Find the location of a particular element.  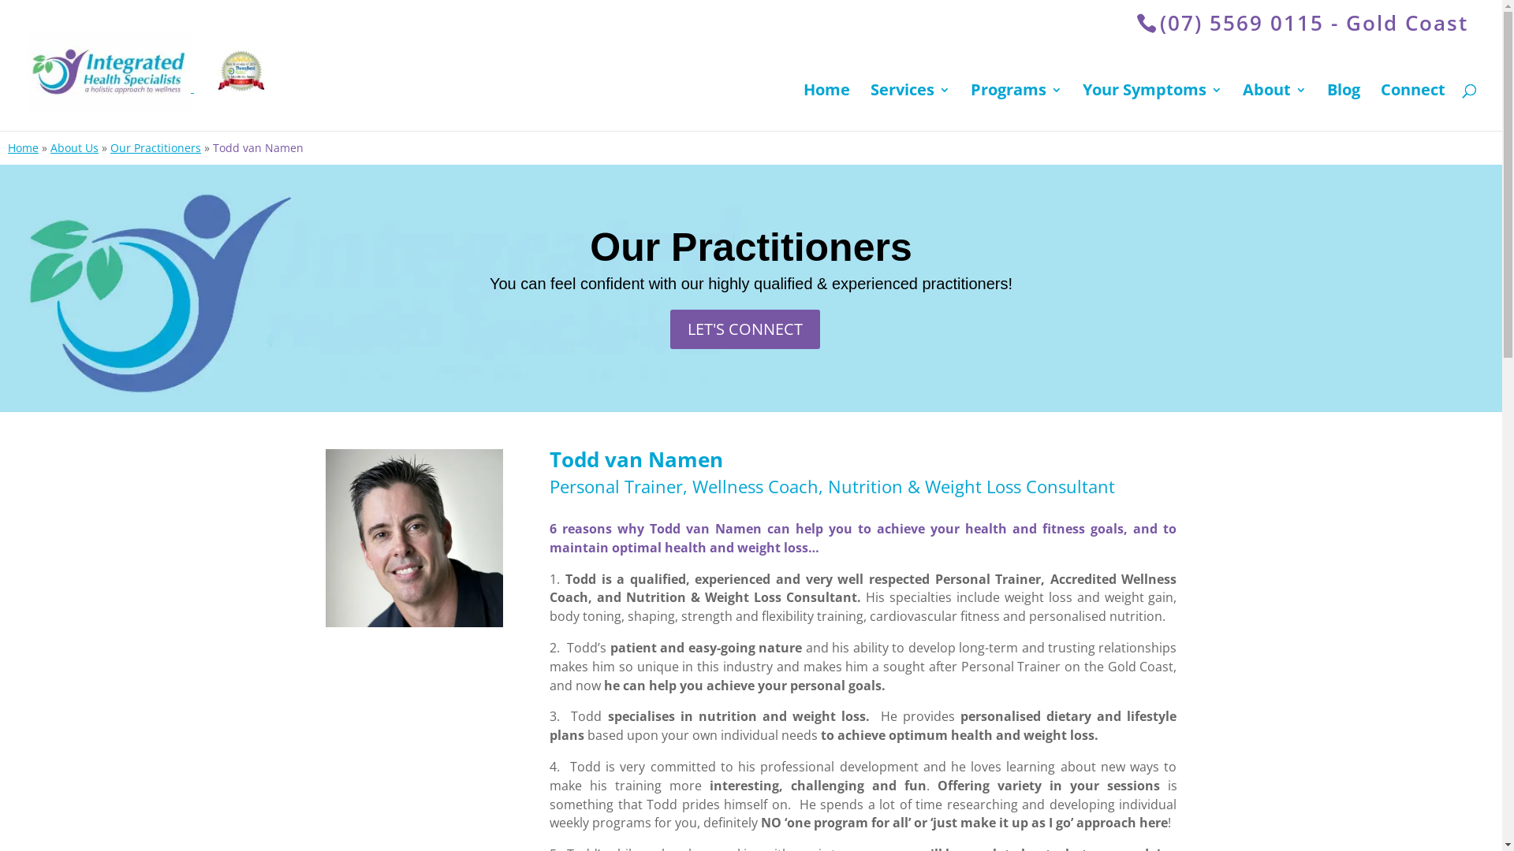

'LET'S CONNECT' is located at coordinates (744, 328).